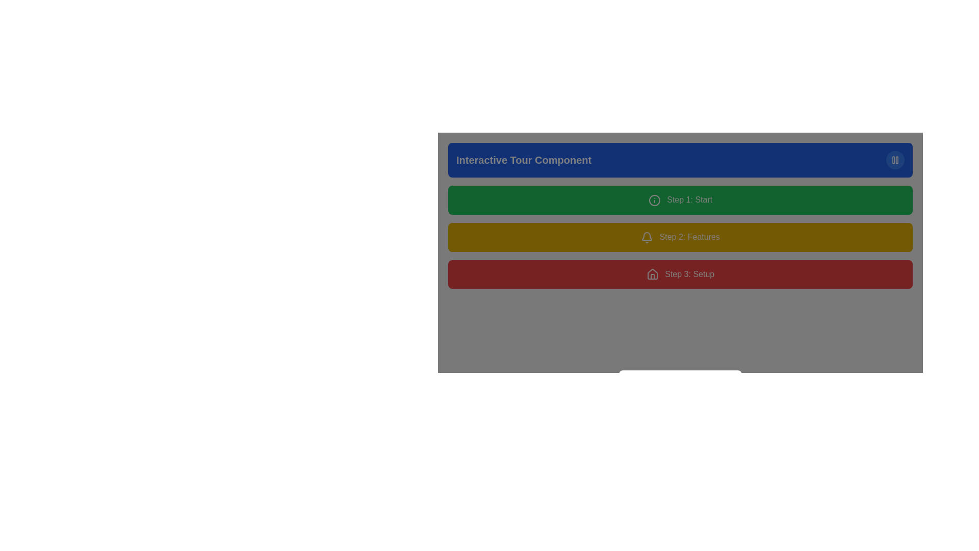 This screenshot has width=979, height=551. Describe the element at coordinates (680, 237) in the screenshot. I see `the Label with icon that represents the second step in a multi-step process, positioned below 'Step 1: Start' and above 'Step 3: Setup'` at that location.